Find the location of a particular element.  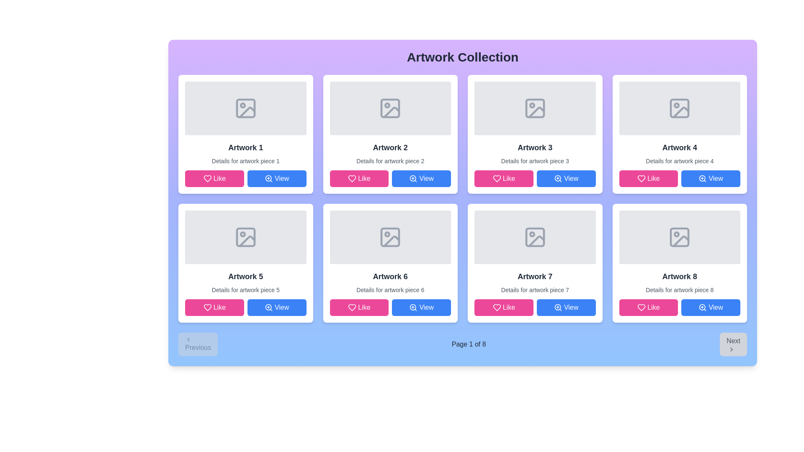

the text element that provides additional descriptive information about 'Artwork 1', located below the bold title text and above the buttons labeled 'Like' and 'View' is located at coordinates (245, 161).